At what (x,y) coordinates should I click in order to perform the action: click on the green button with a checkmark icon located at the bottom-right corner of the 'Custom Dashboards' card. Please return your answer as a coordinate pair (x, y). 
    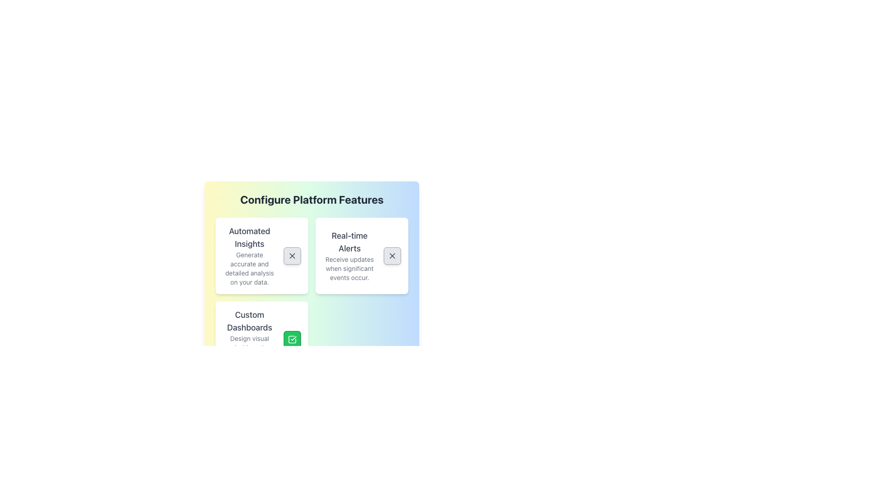
    Looking at the image, I should click on (292, 340).